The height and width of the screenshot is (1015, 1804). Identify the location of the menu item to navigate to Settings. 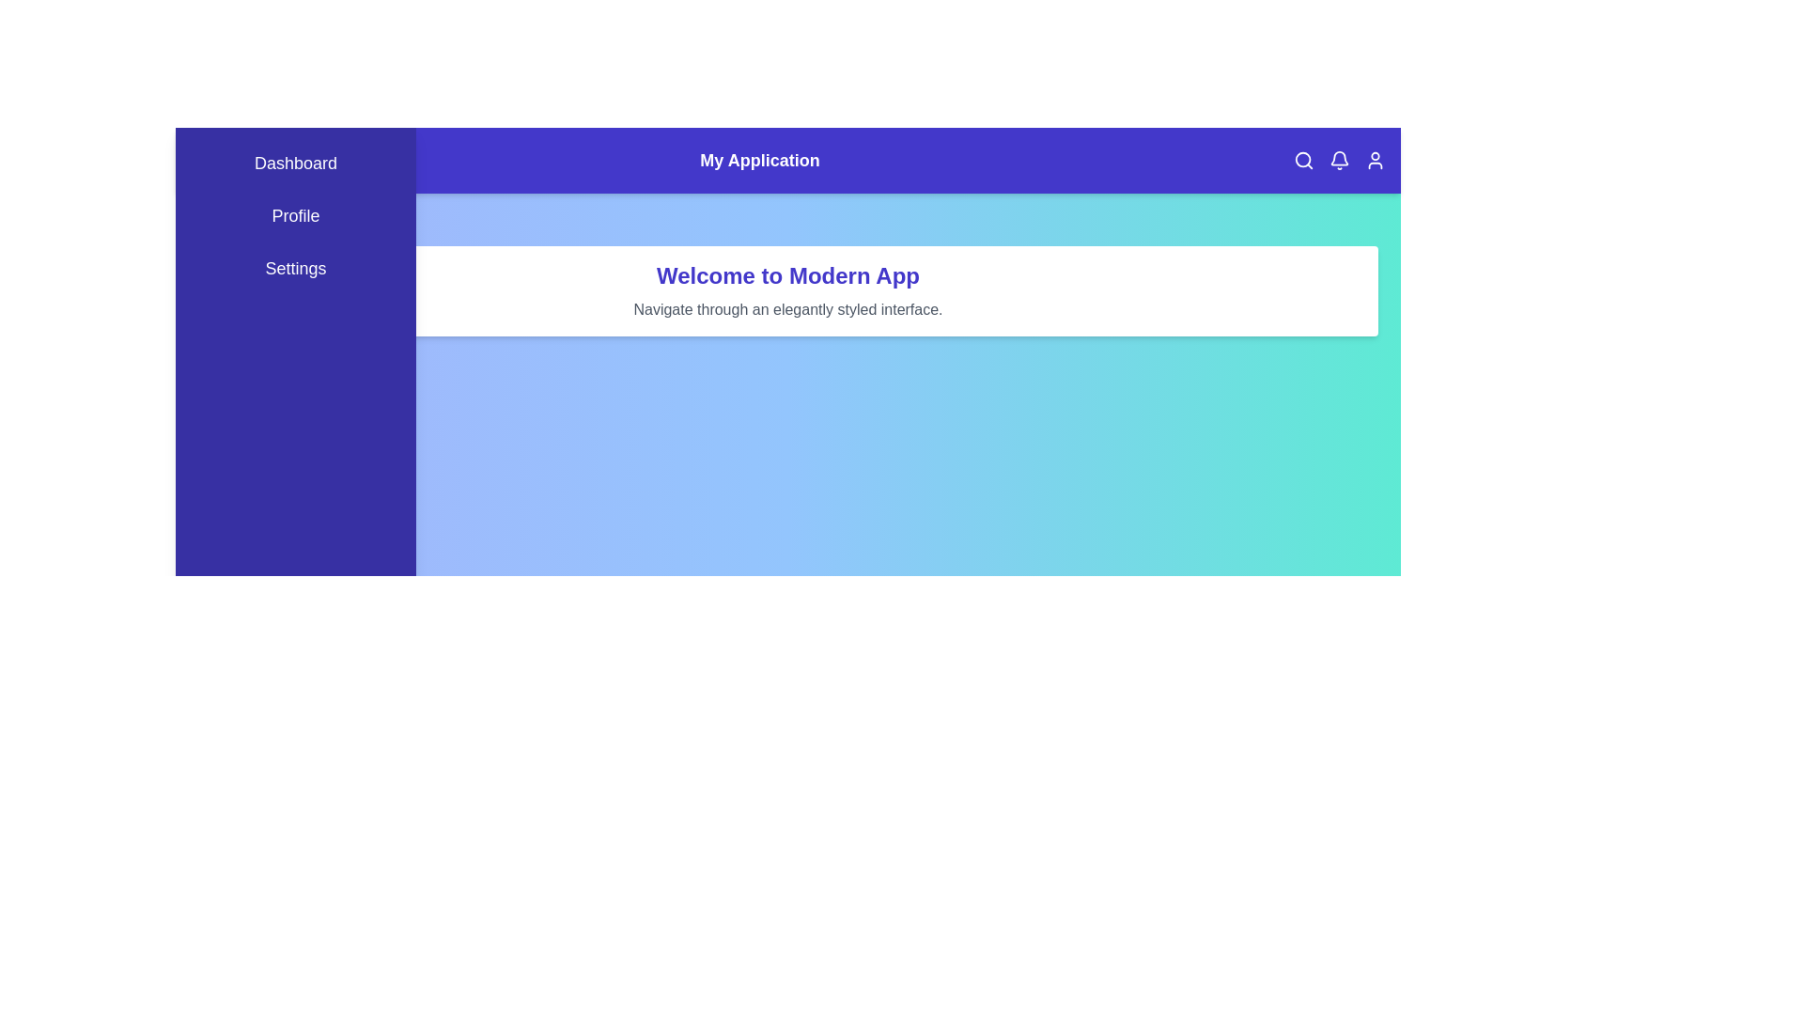
(295, 268).